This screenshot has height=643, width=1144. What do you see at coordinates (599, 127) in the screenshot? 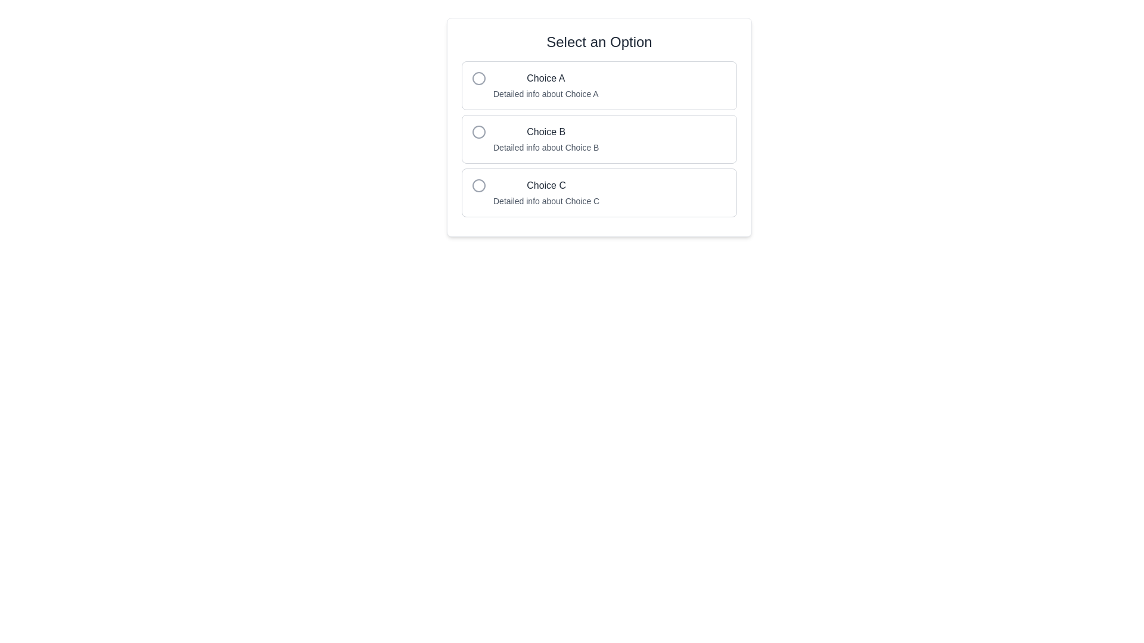
I see `the second radio button card in the list of options under 'Select an Option', positioned between 'Choice A' and 'Choice C'` at bounding box center [599, 127].